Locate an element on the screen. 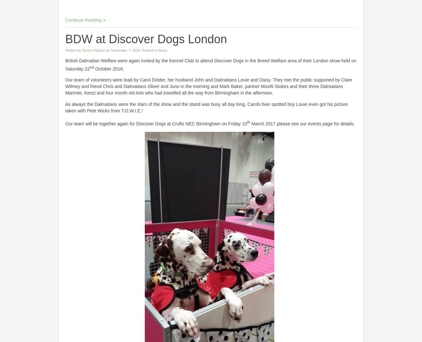  'News' is located at coordinates (162, 49).